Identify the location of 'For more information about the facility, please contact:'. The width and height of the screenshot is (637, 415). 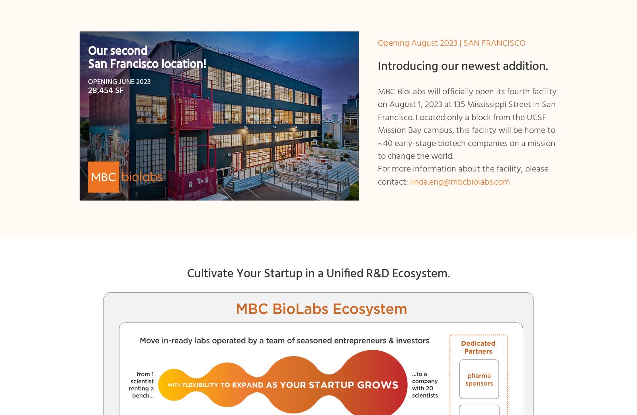
(463, 174).